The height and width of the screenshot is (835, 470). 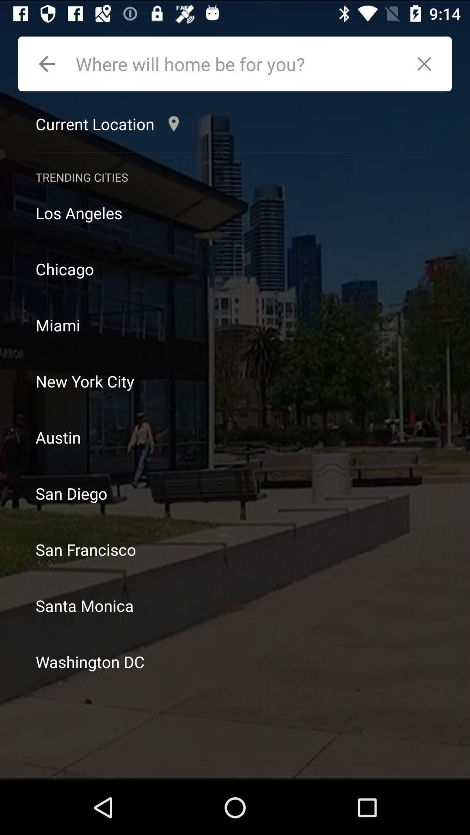 I want to click on the current location icon, so click(x=109, y=123).